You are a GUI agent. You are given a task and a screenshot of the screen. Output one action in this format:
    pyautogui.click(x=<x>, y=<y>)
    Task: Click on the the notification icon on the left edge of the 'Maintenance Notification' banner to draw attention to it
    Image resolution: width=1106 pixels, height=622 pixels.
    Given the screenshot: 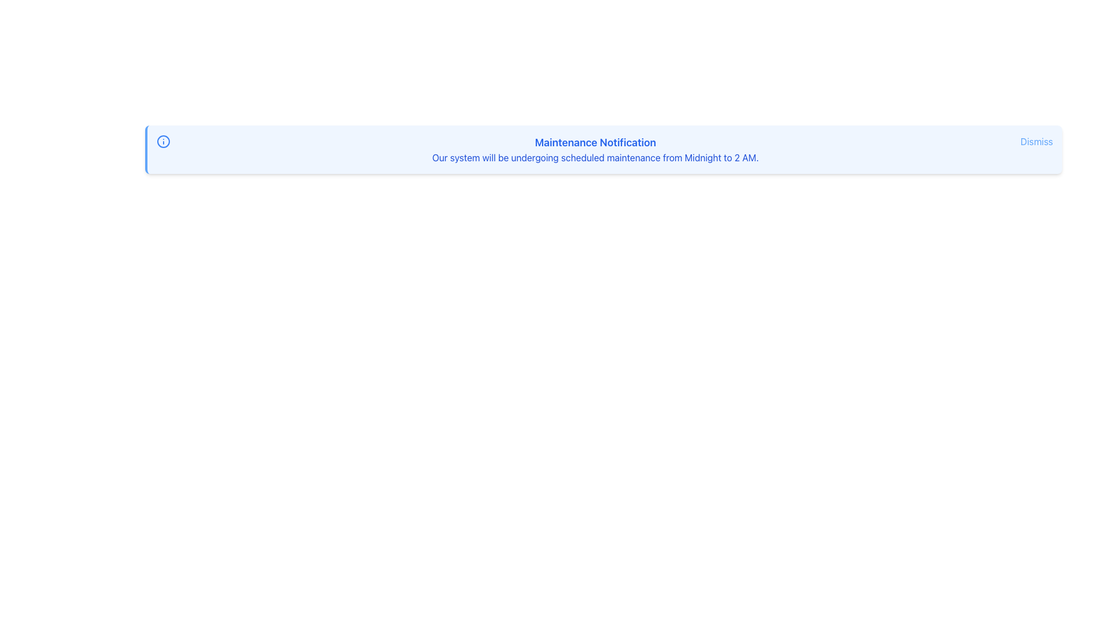 What is the action you would take?
    pyautogui.click(x=162, y=141)
    